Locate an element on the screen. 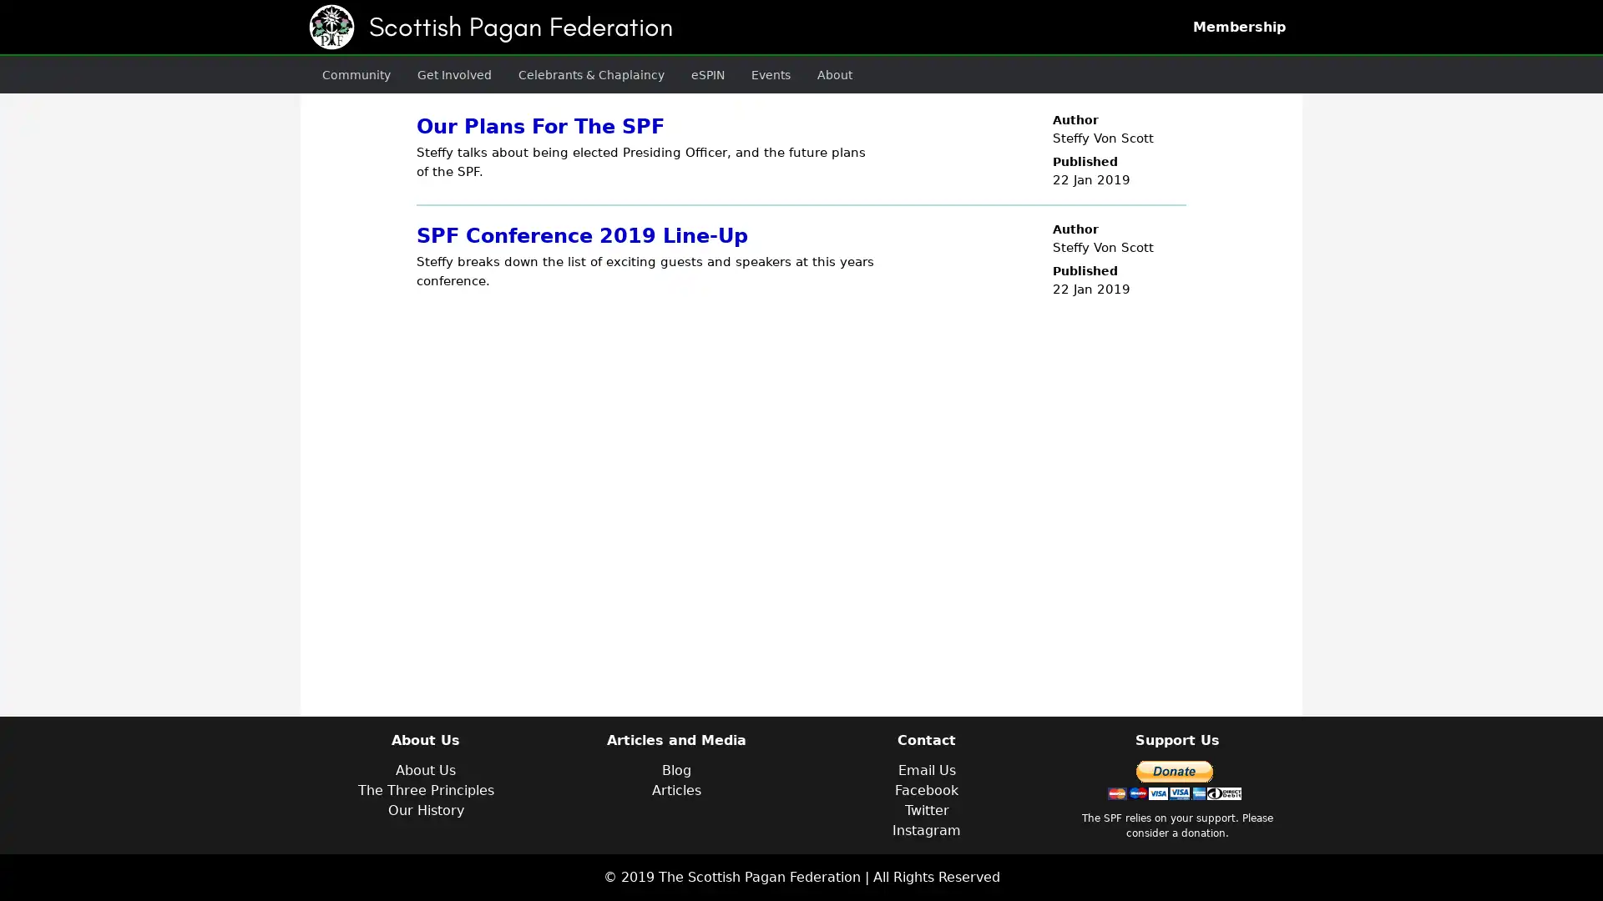 The height and width of the screenshot is (901, 1603). Events is located at coordinates (736, 73).